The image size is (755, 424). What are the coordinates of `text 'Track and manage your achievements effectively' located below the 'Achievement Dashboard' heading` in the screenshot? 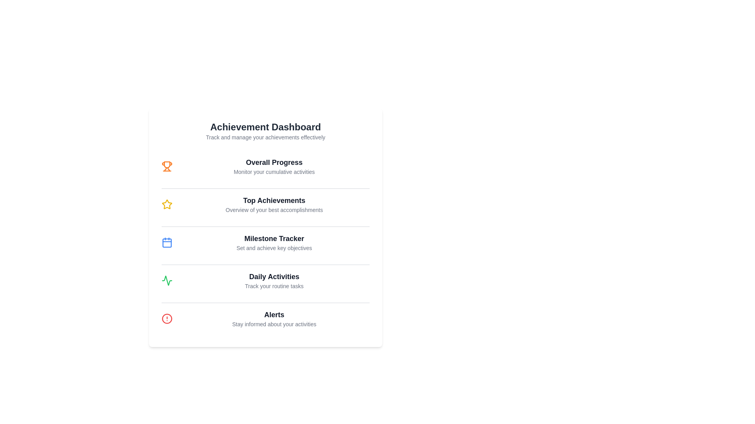 It's located at (265, 137).